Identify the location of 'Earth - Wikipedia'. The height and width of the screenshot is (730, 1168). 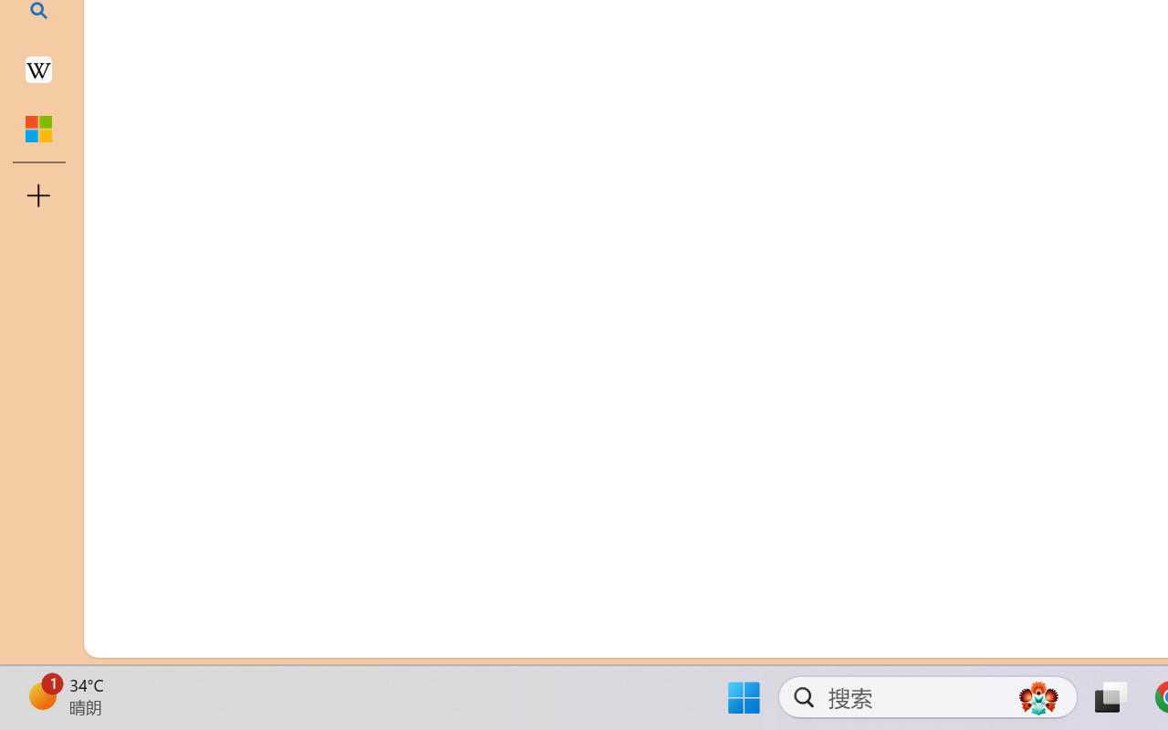
(38, 69).